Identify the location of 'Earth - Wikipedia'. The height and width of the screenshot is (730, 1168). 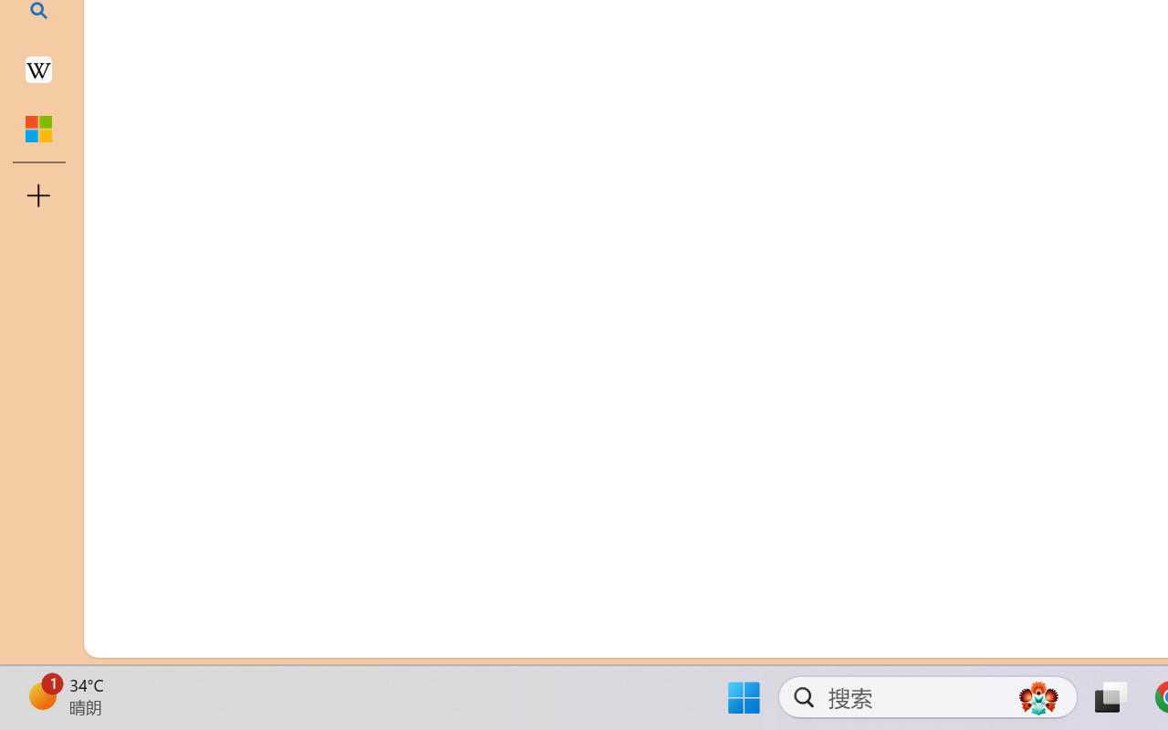
(38, 69).